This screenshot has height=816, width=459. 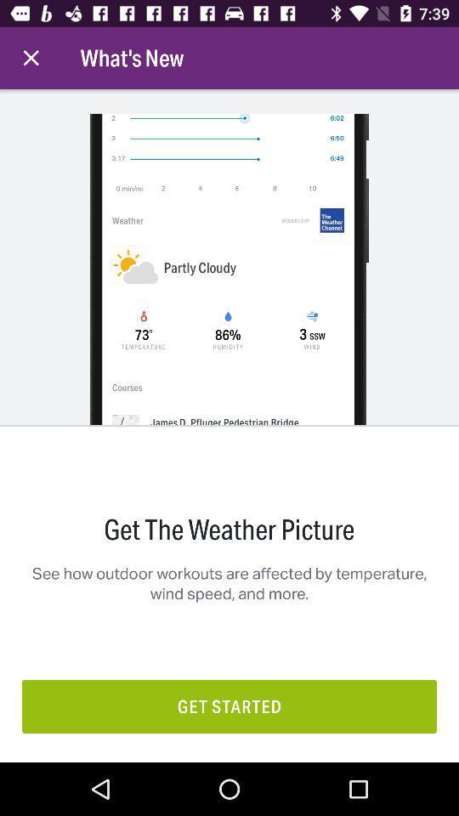 I want to click on icon to the left of what's new item, so click(x=31, y=58).